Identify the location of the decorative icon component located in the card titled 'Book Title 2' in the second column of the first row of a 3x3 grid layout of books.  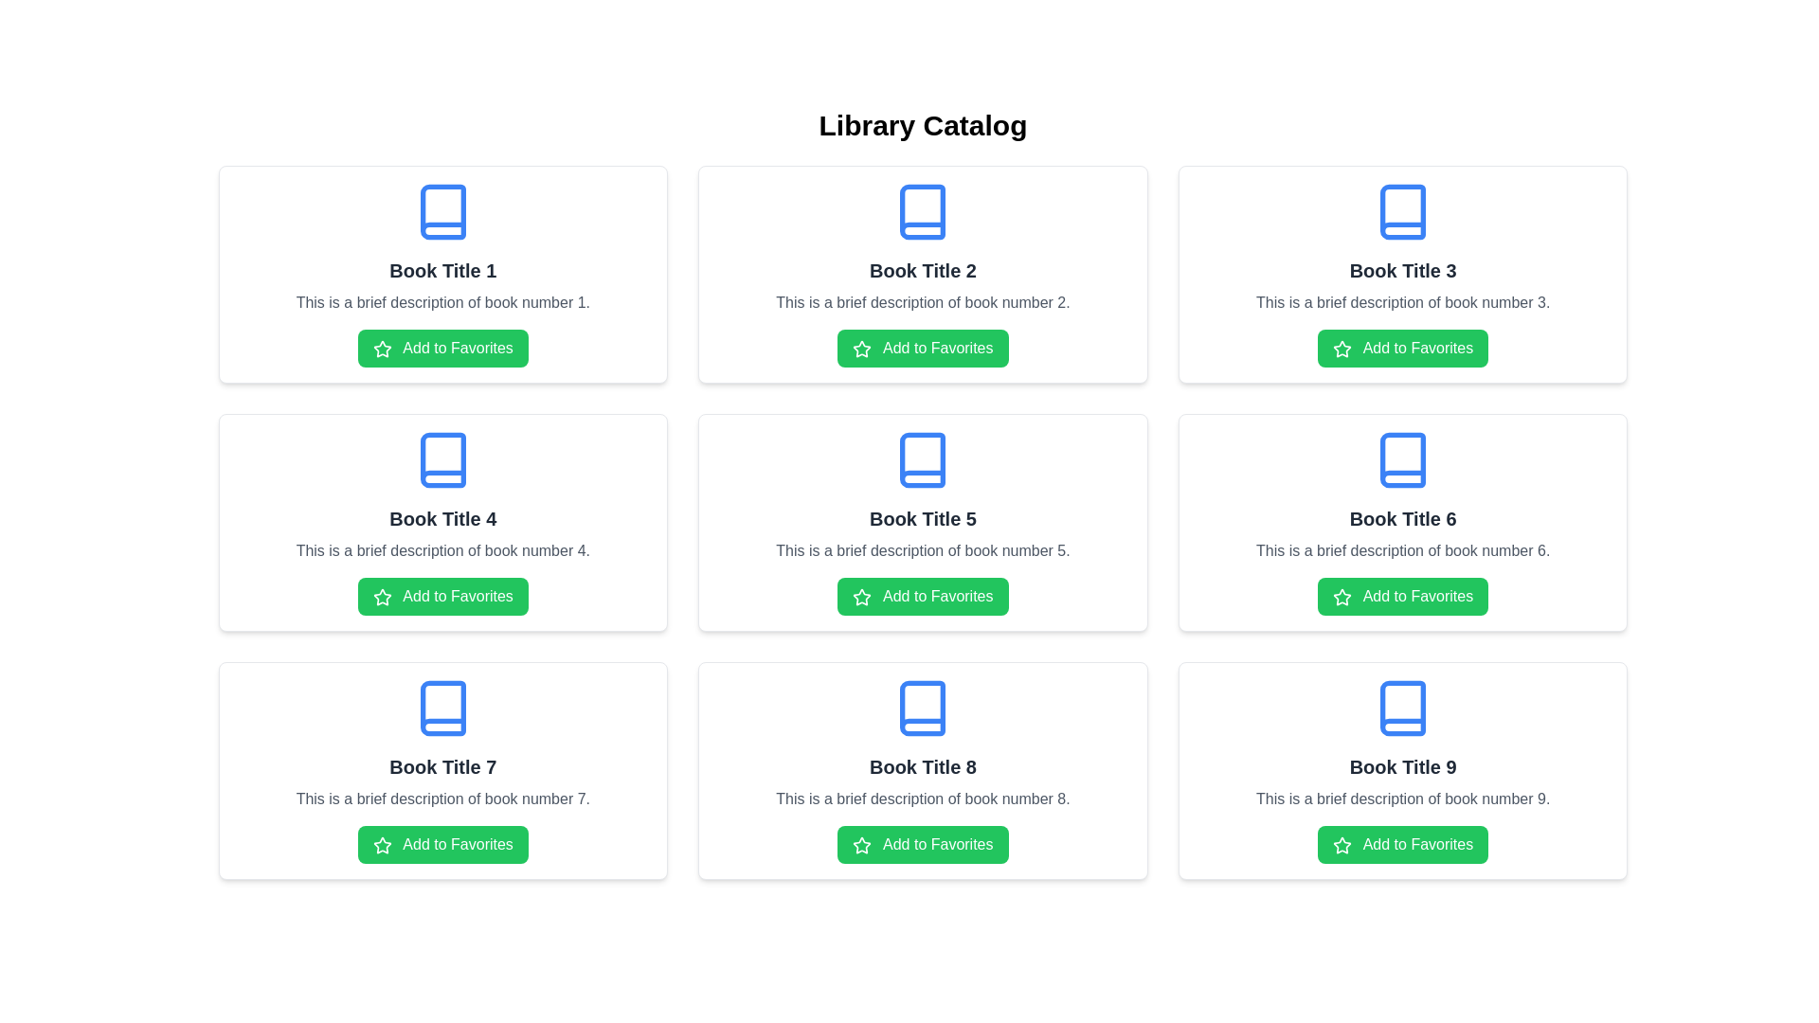
(923, 211).